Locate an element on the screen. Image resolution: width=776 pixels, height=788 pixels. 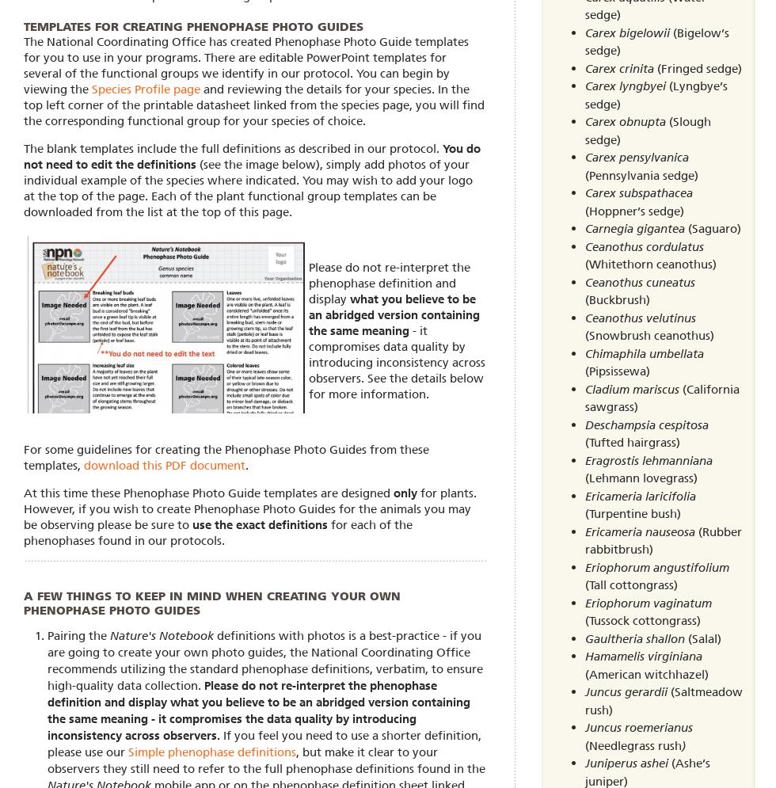
'Deschampsia cespitosa' is located at coordinates (646, 424).